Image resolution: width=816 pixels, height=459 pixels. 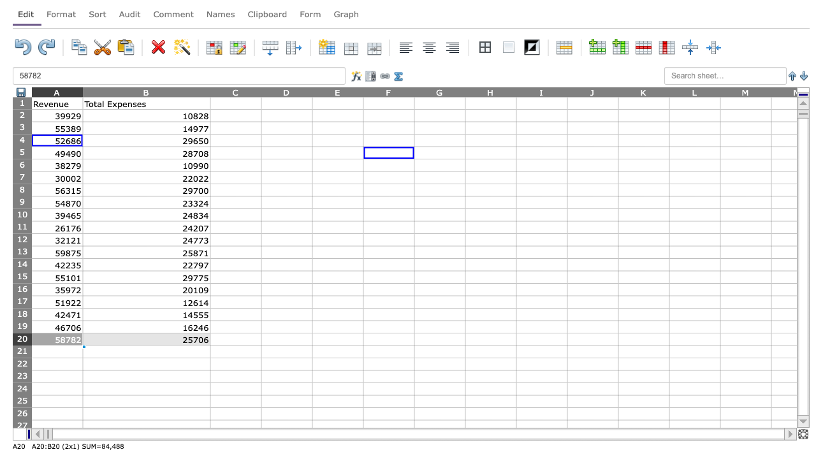 What do you see at coordinates (22, 351) in the screenshot?
I see `Move cursor to row 21` at bounding box center [22, 351].